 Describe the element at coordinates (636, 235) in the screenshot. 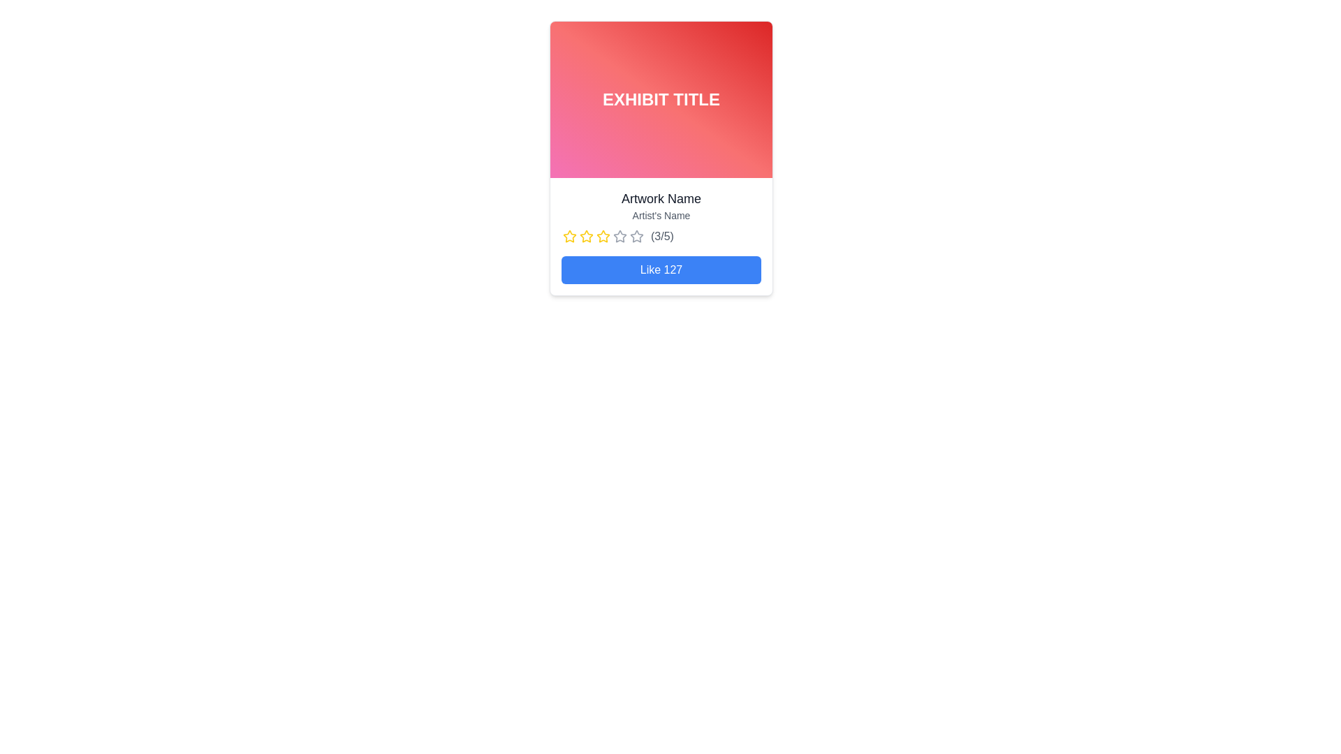

I see `the third star` at that location.